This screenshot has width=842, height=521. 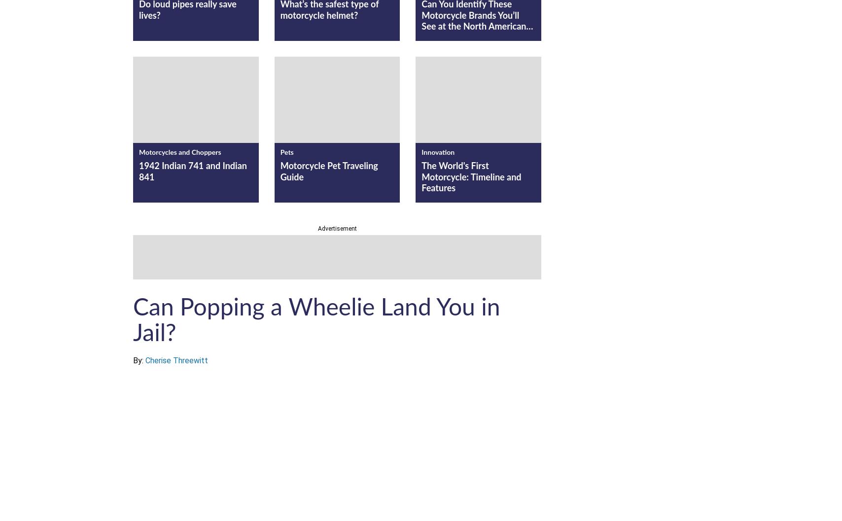 I want to click on 'By:', so click(x=139, y=360).